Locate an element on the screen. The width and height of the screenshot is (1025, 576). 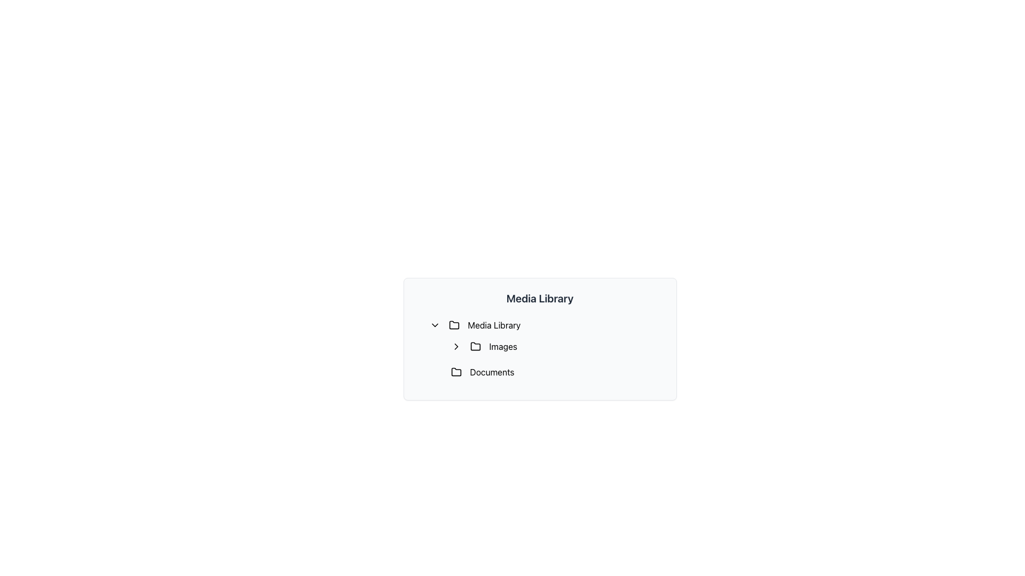
the Chevron Icon located to the left of the 'Images' text within the second item under the 'Media Library' section is located at coordinates (456, 347).